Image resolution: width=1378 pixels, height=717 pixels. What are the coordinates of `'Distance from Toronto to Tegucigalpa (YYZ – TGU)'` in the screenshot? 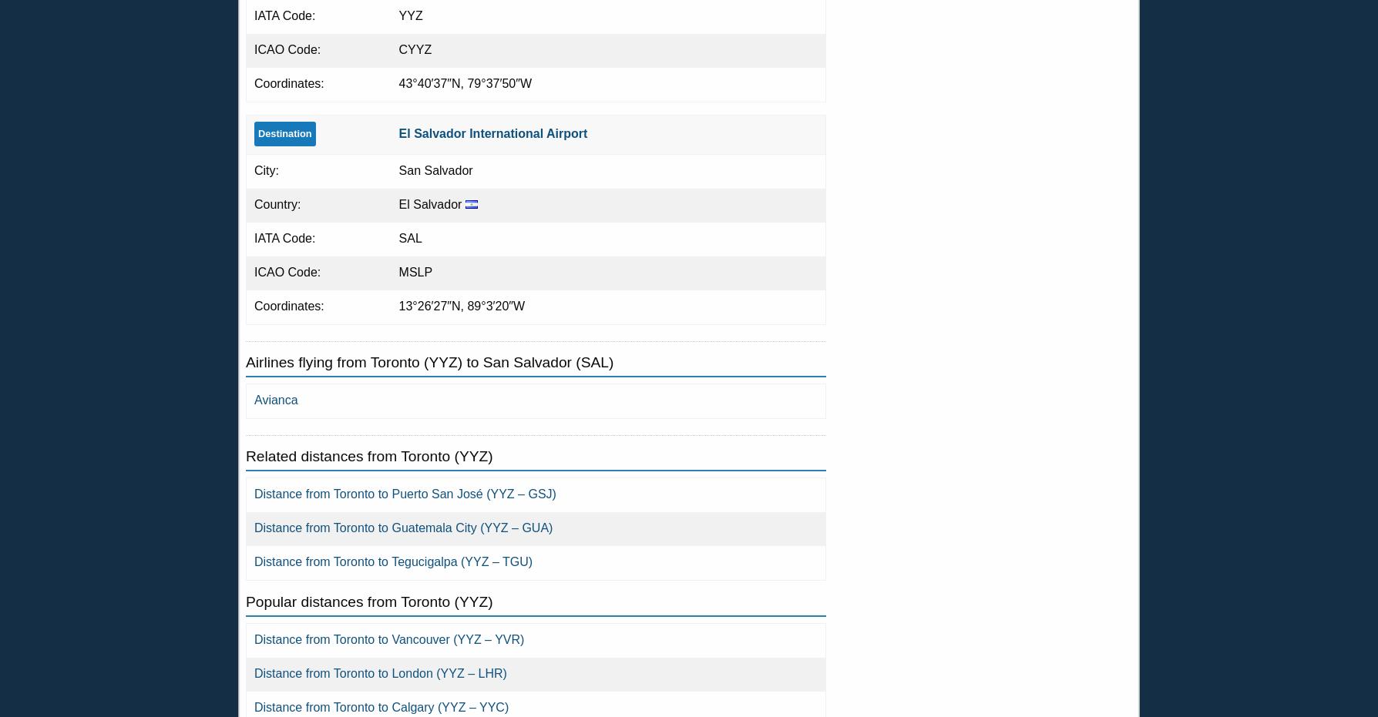 It's located at (393, 561).